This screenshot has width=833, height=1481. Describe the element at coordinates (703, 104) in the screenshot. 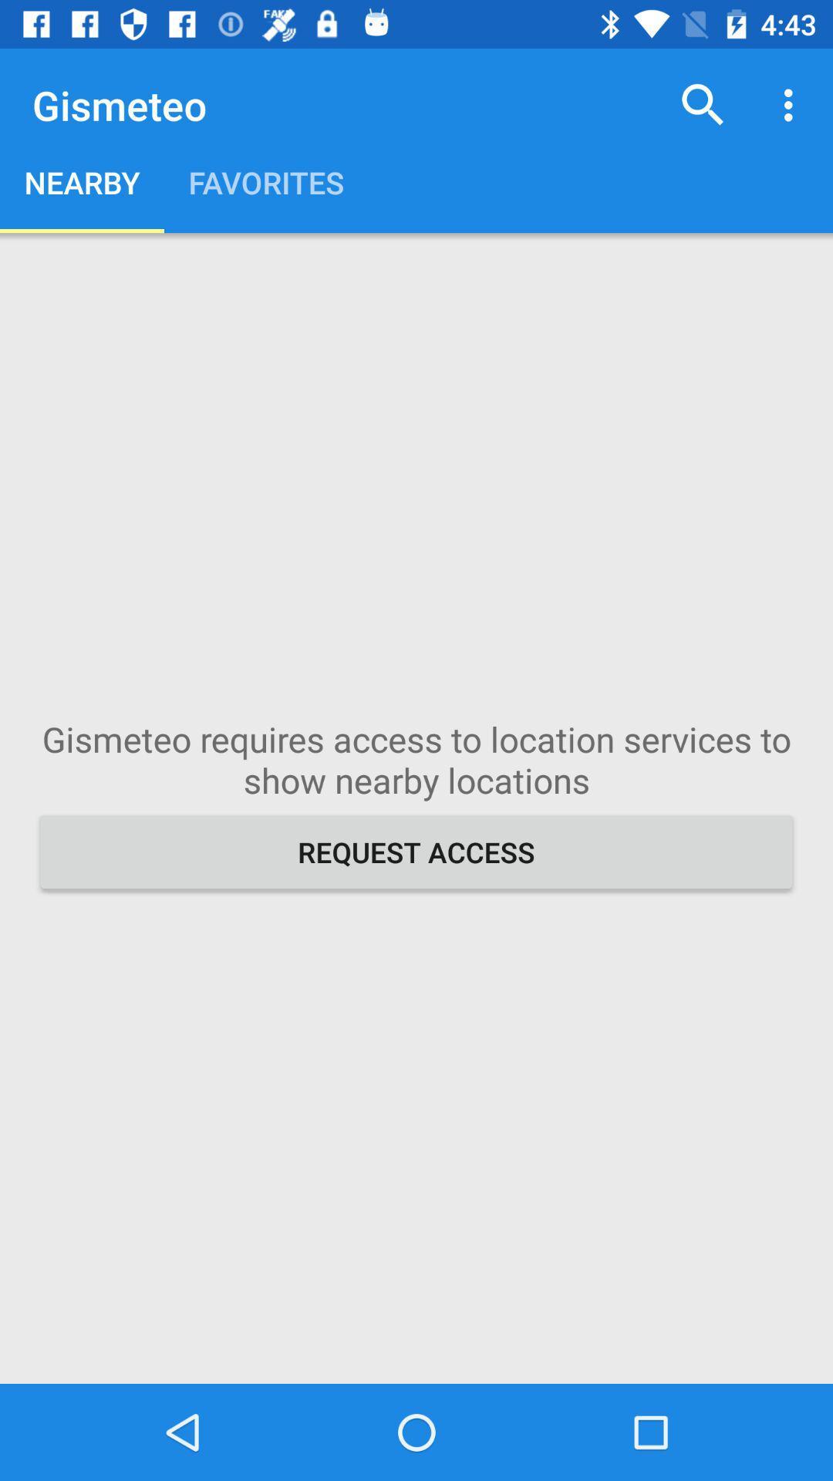

I see `the icon next to favorites` at that location.